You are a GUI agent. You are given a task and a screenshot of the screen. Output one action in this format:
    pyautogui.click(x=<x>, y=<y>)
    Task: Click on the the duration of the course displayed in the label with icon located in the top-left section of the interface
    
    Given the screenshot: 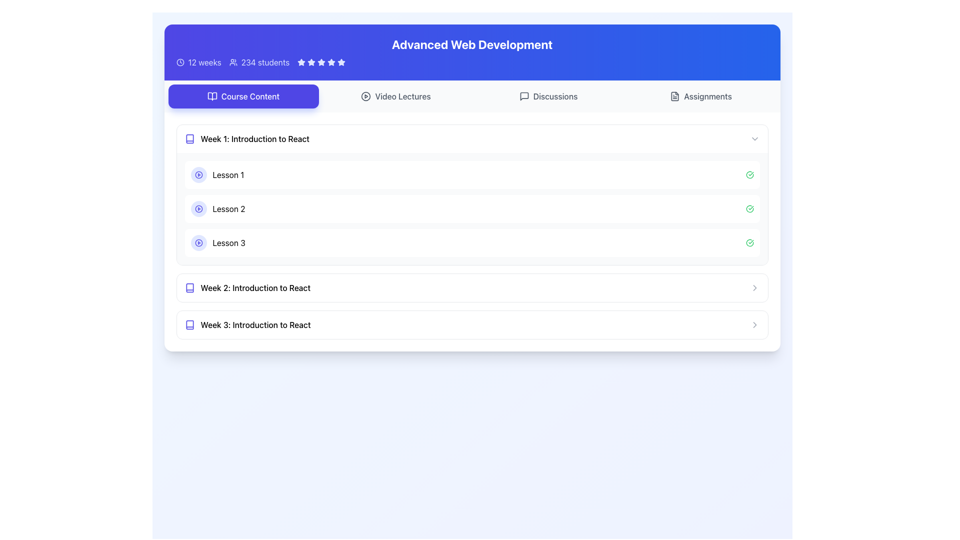 What is the action you would take?
    pyautogui.click(x=198, y=62)
    